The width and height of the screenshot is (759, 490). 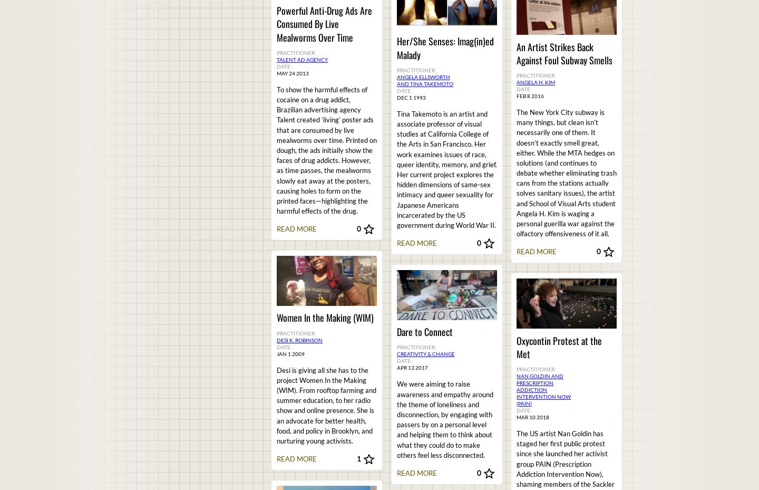 What do you see at coordinates (324, 23) in the screenshot?
I see `'Powerful Anti-Drug Ads Are Consumed By Live Mealworms Over Time'` at bounding box center [324, 23].